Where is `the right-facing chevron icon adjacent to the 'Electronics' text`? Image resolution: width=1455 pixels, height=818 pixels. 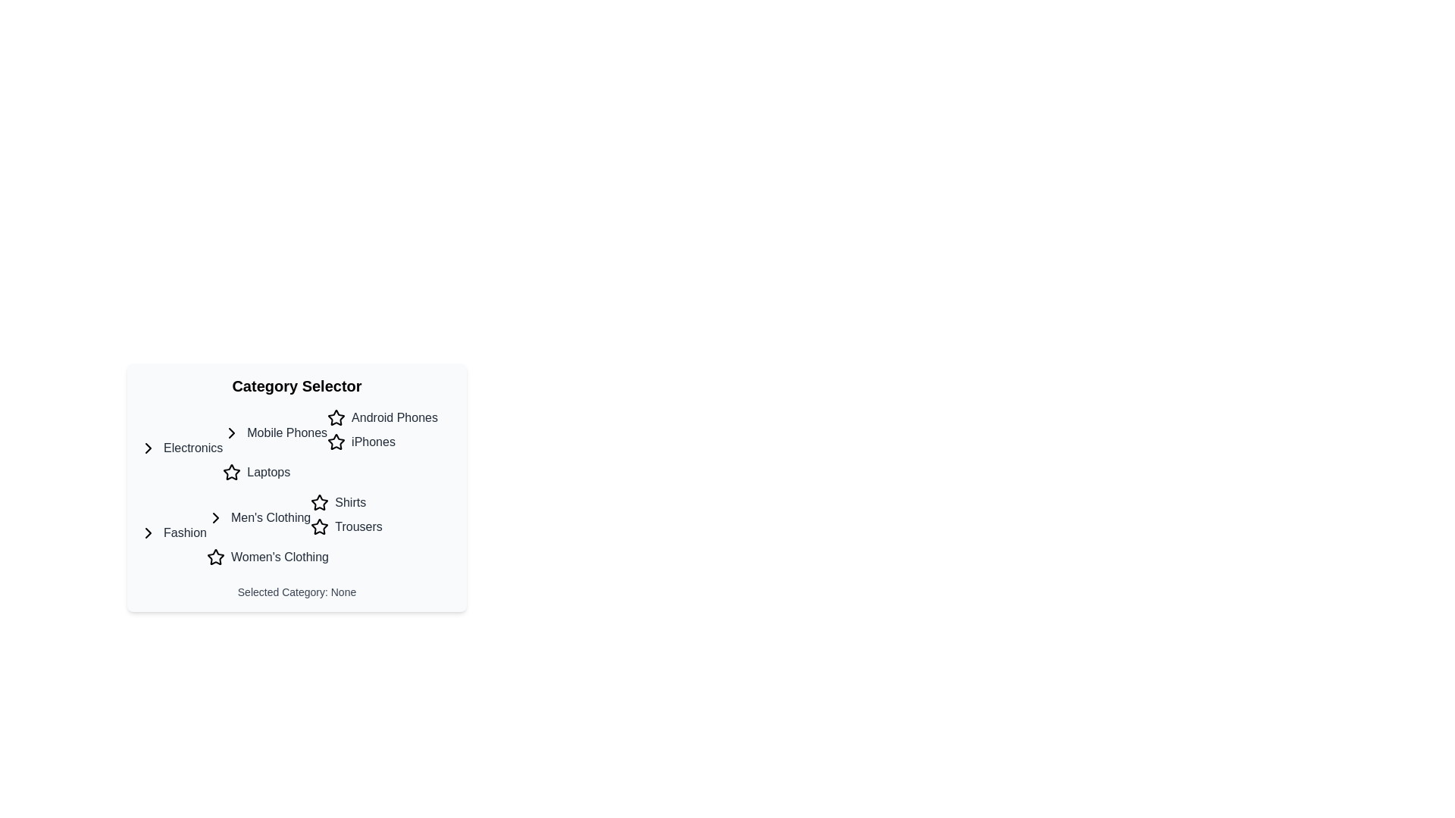
the right-facing chevron icon adjacent to the 'Electronics' text is located at coordinates (149, 447).